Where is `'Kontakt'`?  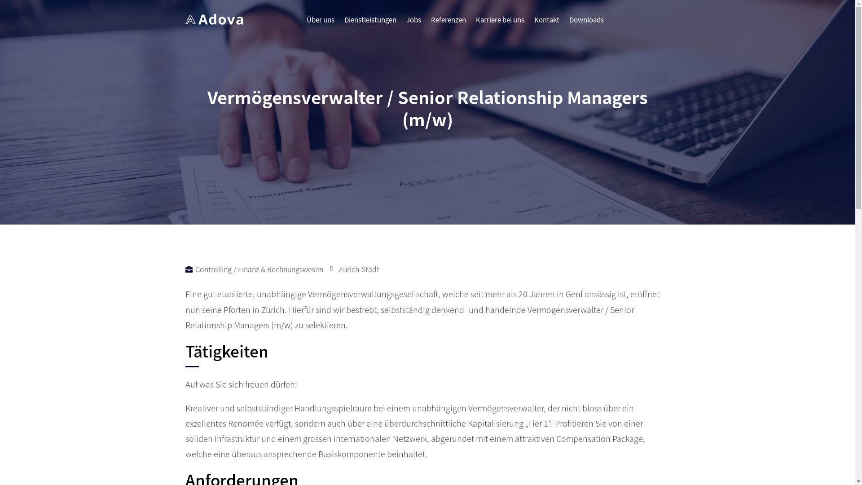 'Kontakt' is located at coordinates (546, 22).